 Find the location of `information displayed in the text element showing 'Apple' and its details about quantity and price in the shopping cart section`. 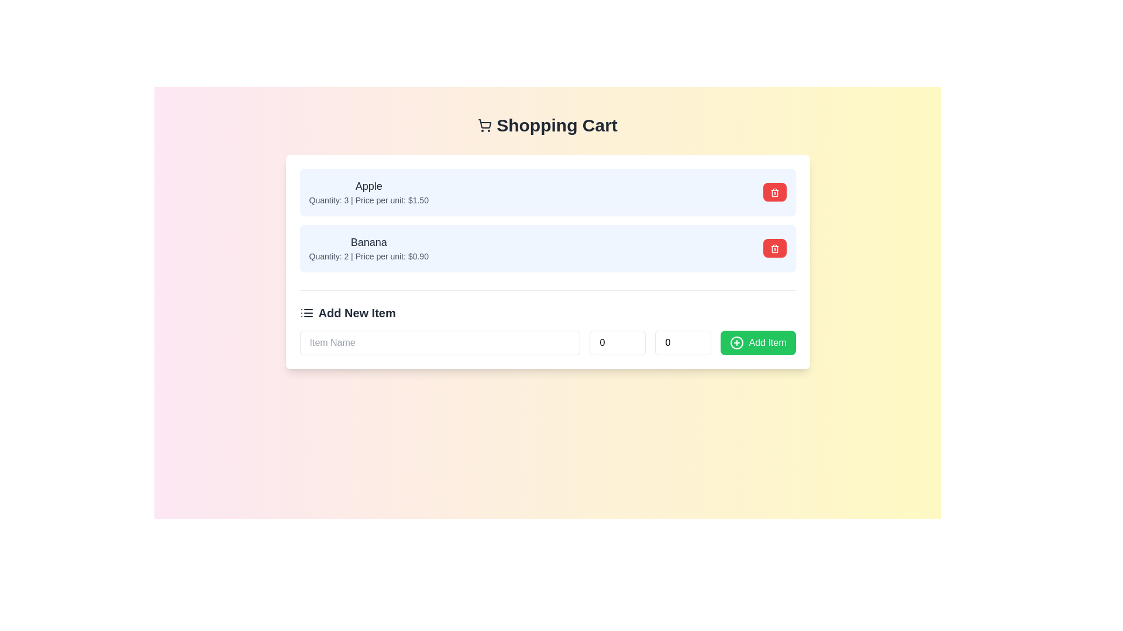

information displayed in the text element showing 'Apple' and its details about quantity and price in the shopping cart section is located at coordinates (368, 191).